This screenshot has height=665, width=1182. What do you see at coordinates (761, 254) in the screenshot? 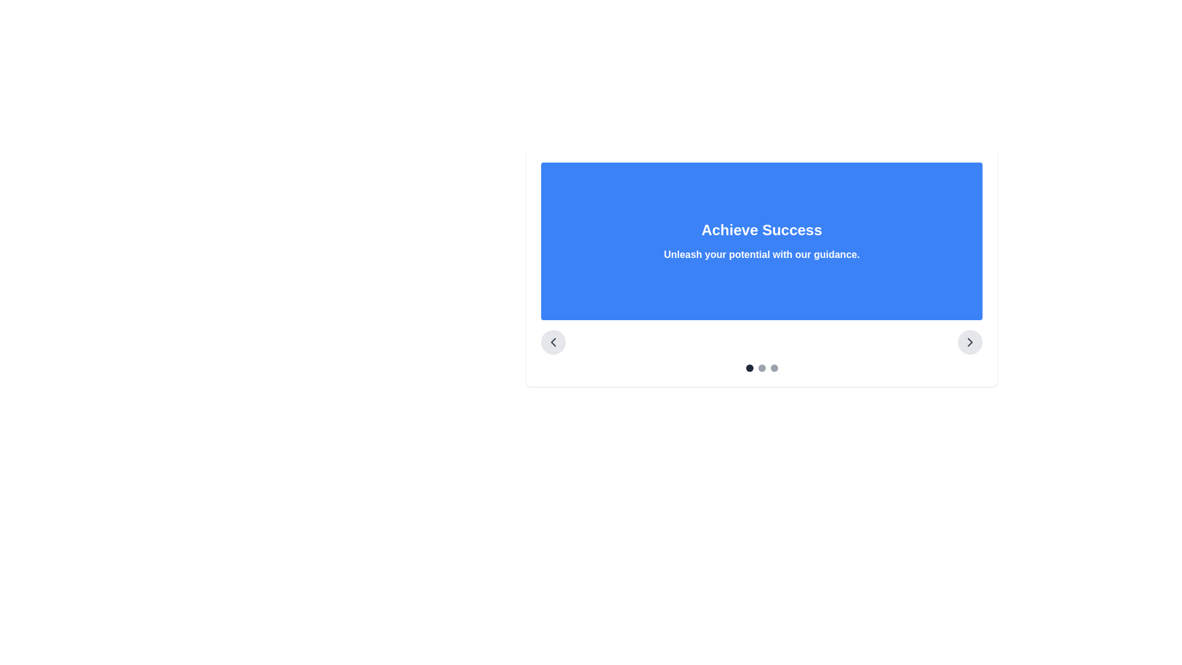
I see `the text label that says 'Unleash your potential with our guidance.' which is displayed in white on a blue background, located directly beneath the 'Achieve Success' text` at bounding box center [761, 254].